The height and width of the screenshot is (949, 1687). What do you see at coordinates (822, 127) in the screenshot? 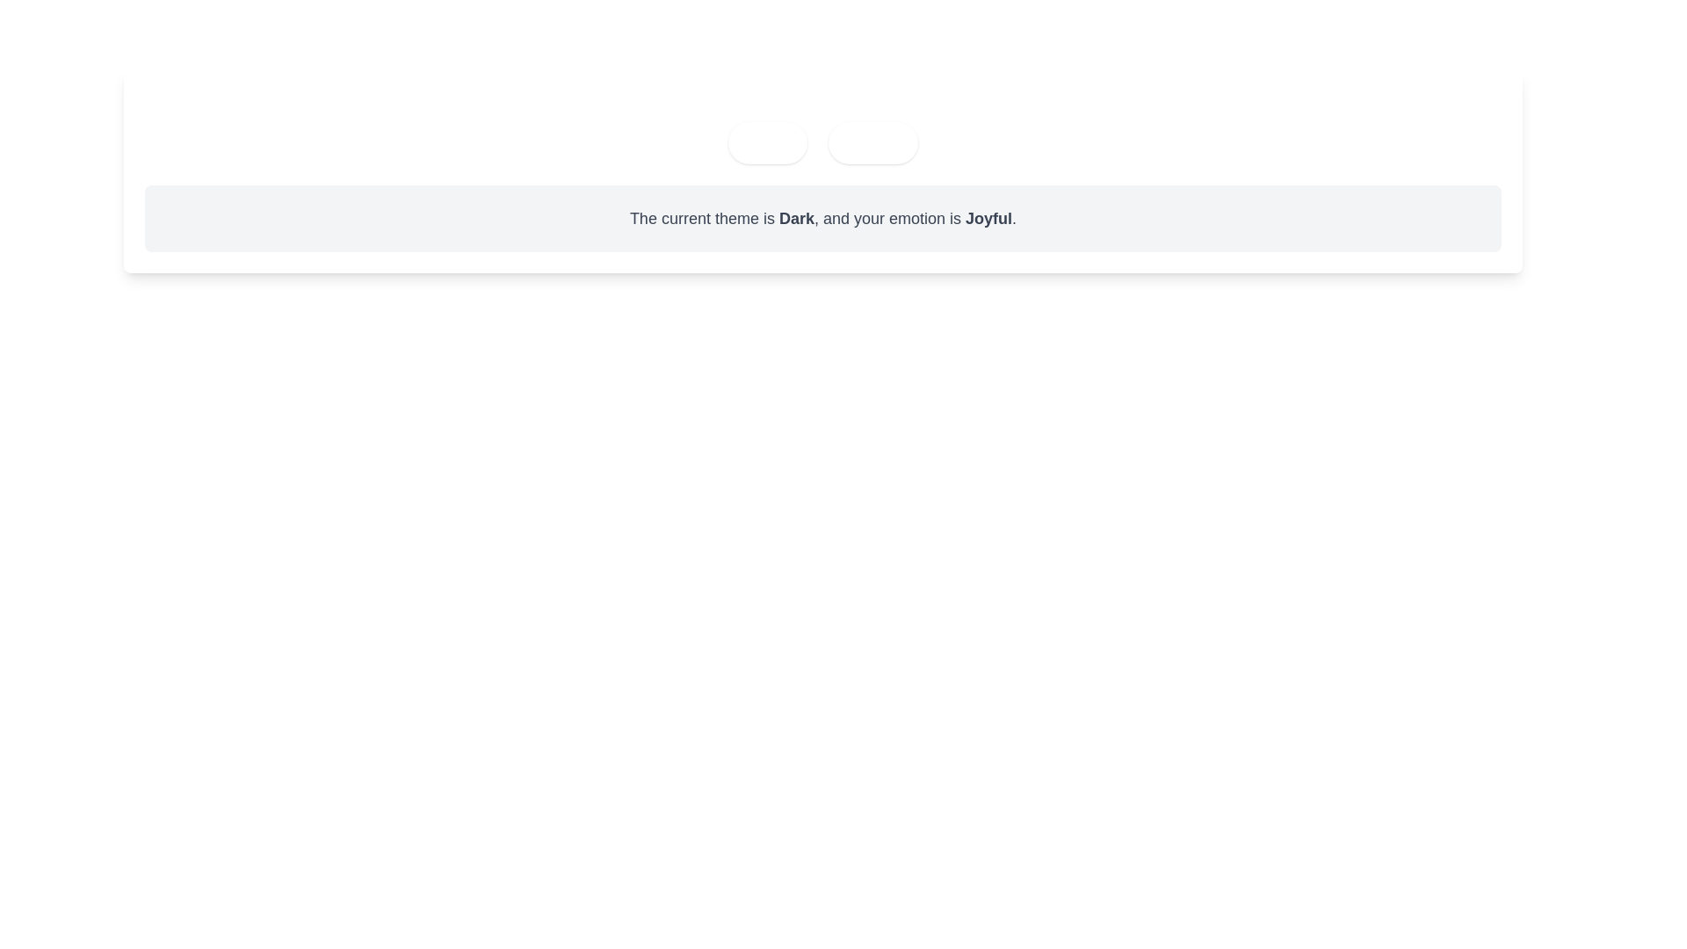
I see `the 'Happy' button in the 'Enhanced Switch Panel'` at bounding box center [822, 127].